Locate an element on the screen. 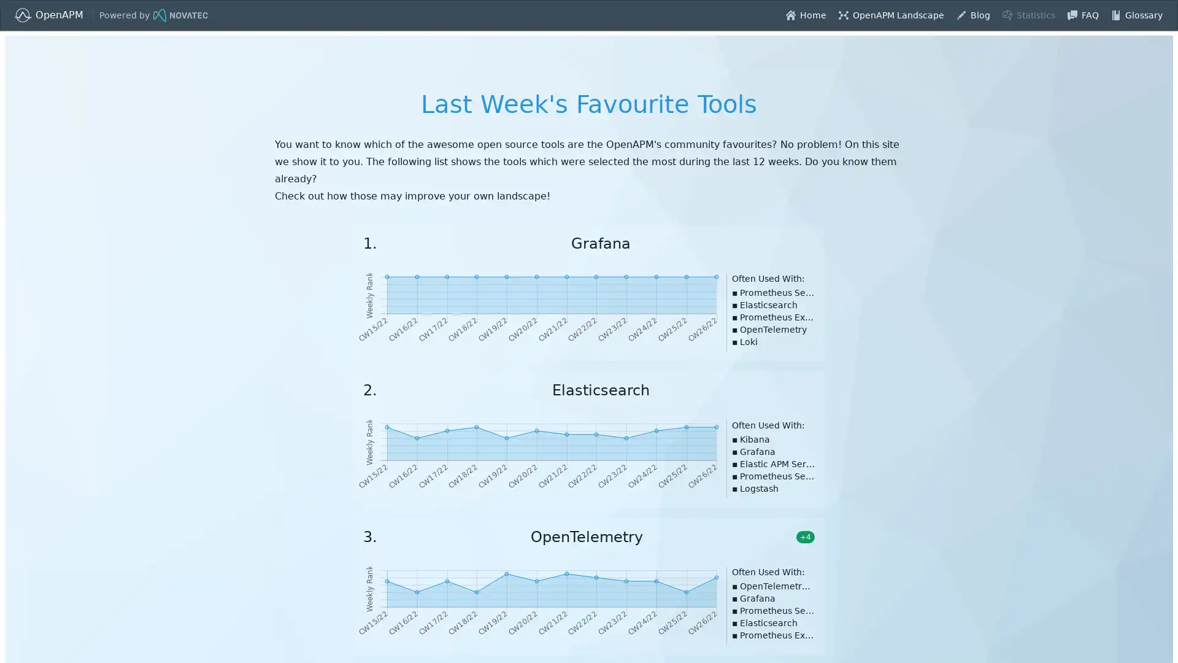  layout-balloon OpenAPM Landscape is located at coordinates (891, 15).